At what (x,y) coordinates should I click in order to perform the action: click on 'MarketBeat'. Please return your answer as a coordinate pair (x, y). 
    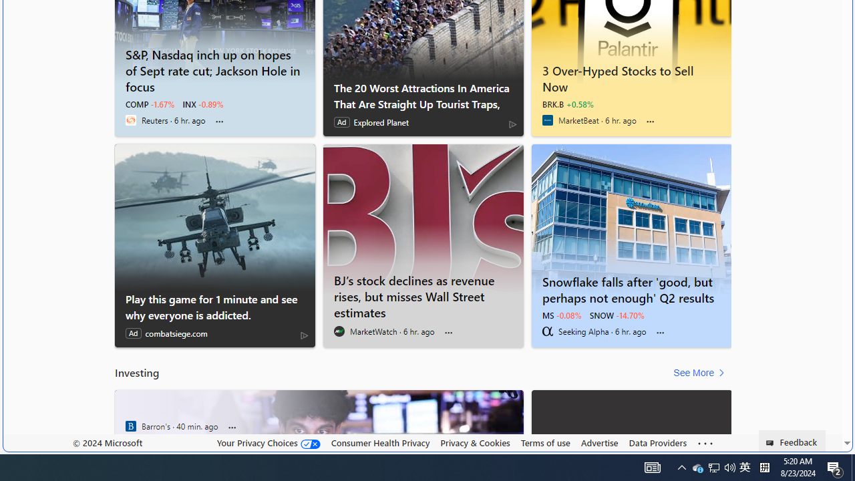
    Looking at the image, I should click on (547, 120).